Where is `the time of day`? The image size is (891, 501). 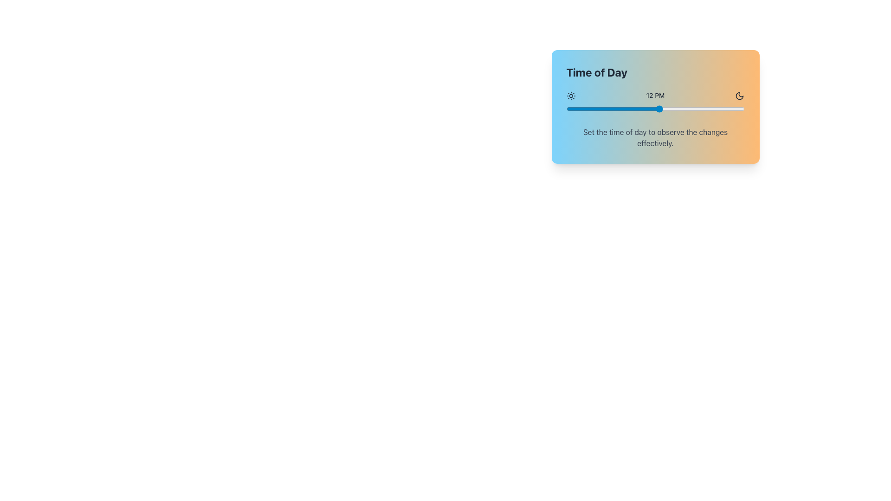 the time of day is located at coordinates (574, 109).